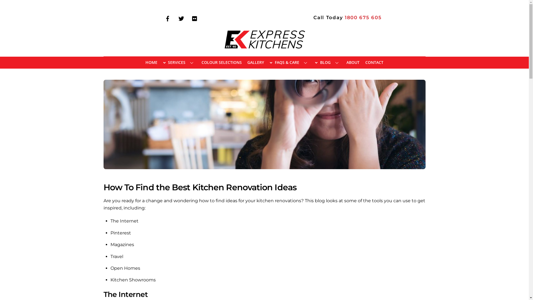 This screenshot has width=533, height=300. Describe the element at coordinates (221, 62) in the screenshot. I see `'COLOUR SELECTIONS'` at that location.